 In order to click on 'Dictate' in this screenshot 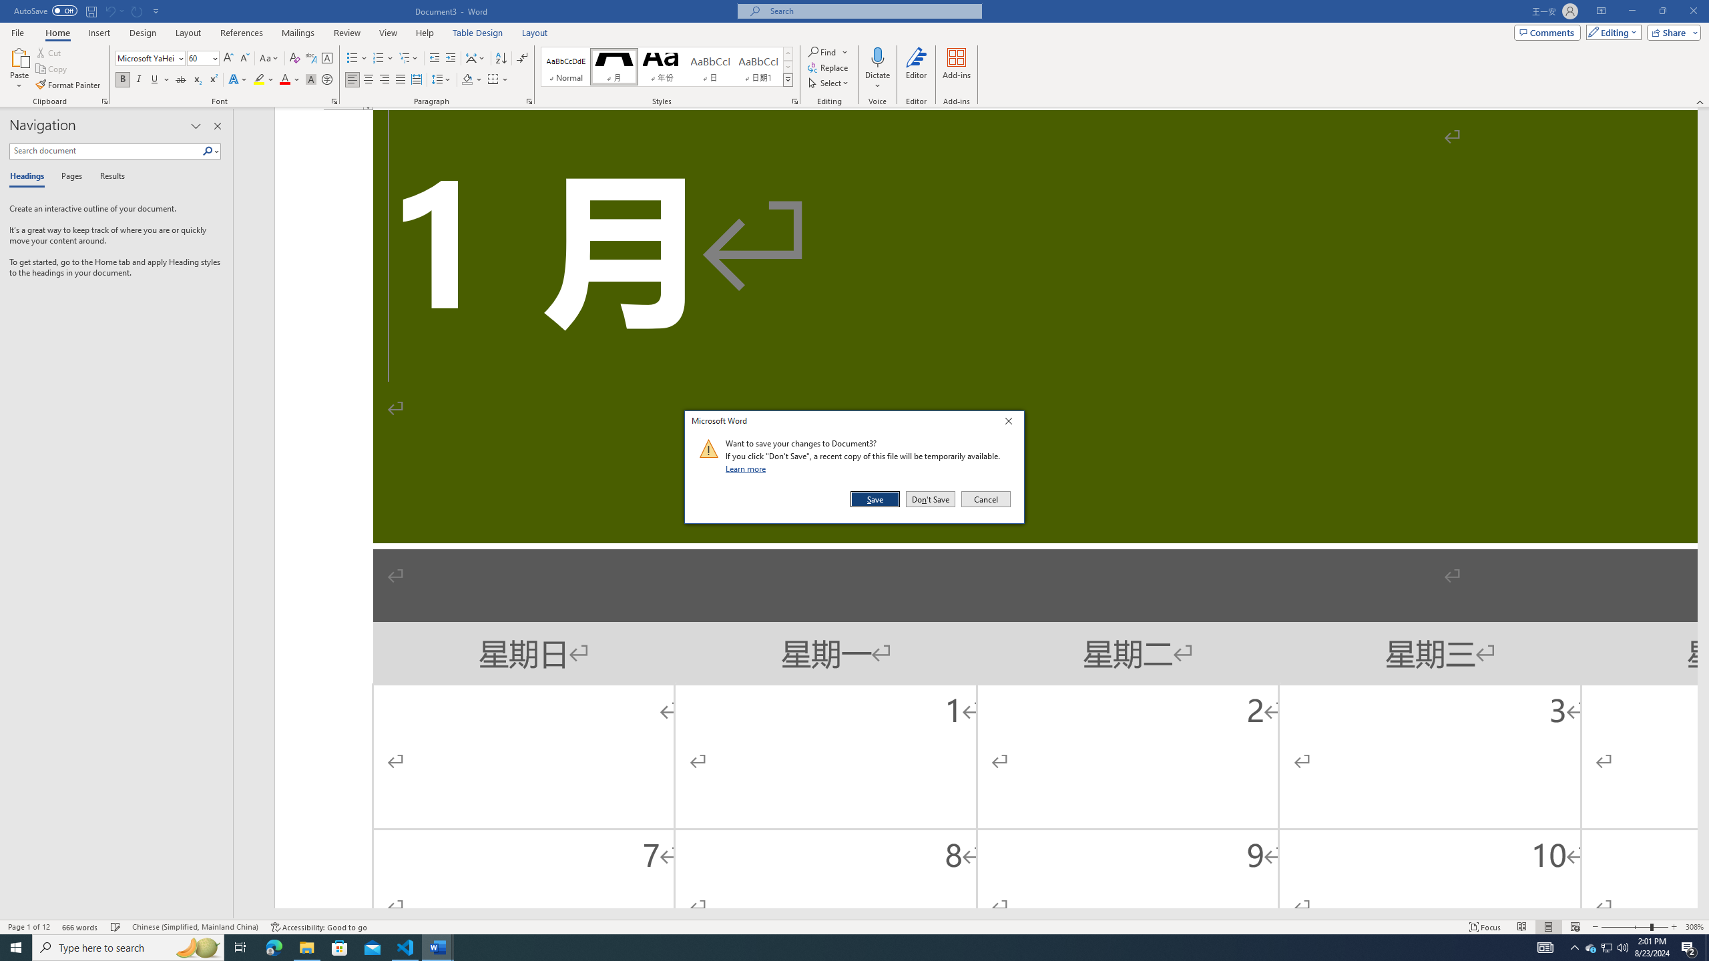, I will do `click(877, 69)`.